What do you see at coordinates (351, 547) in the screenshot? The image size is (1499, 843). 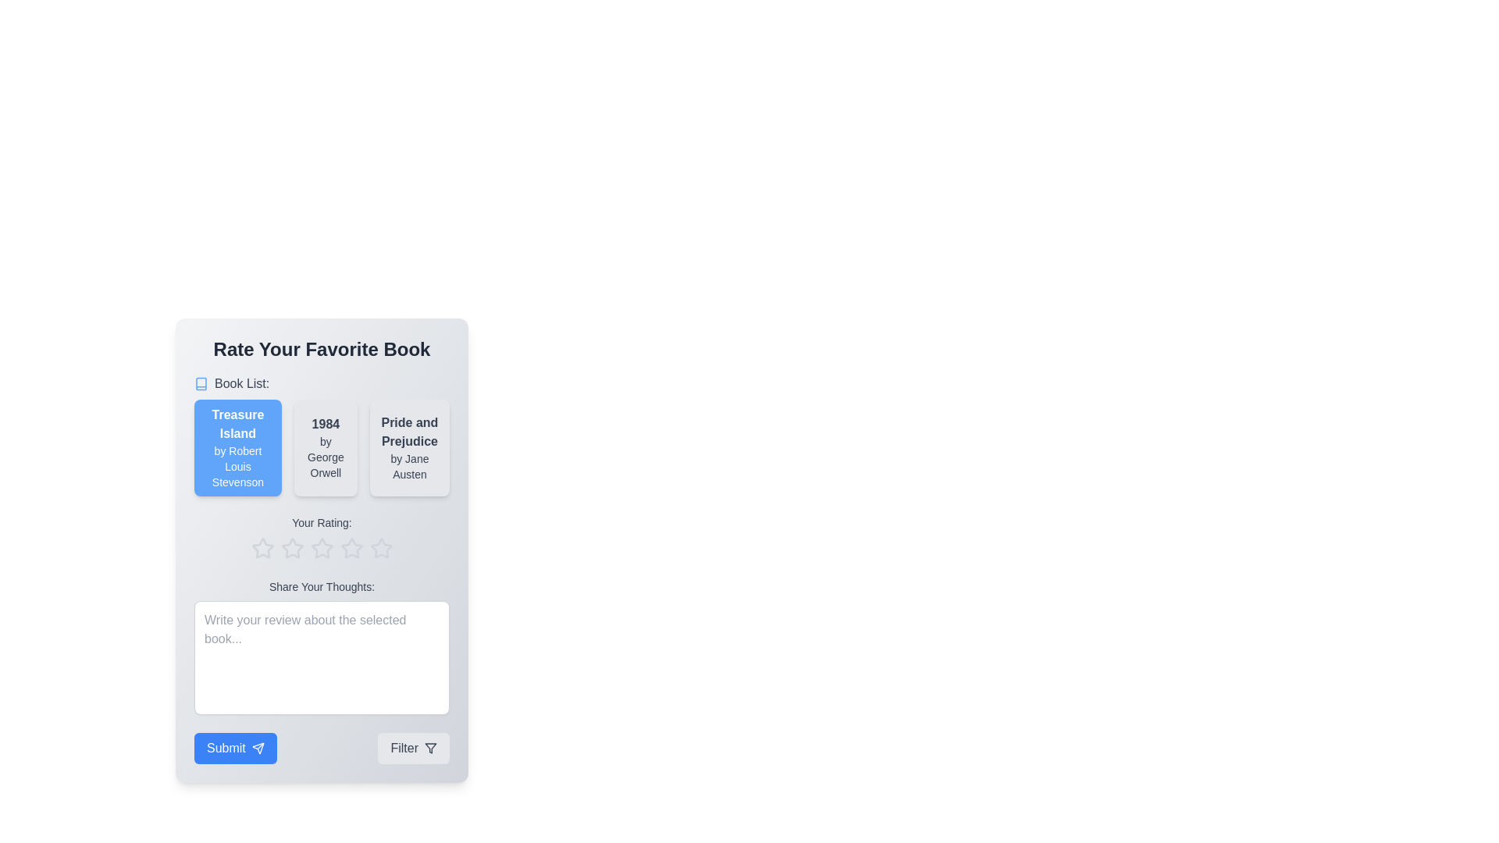 I see `the fourth star-shaped rating icon` at bounding box center [351, 547].